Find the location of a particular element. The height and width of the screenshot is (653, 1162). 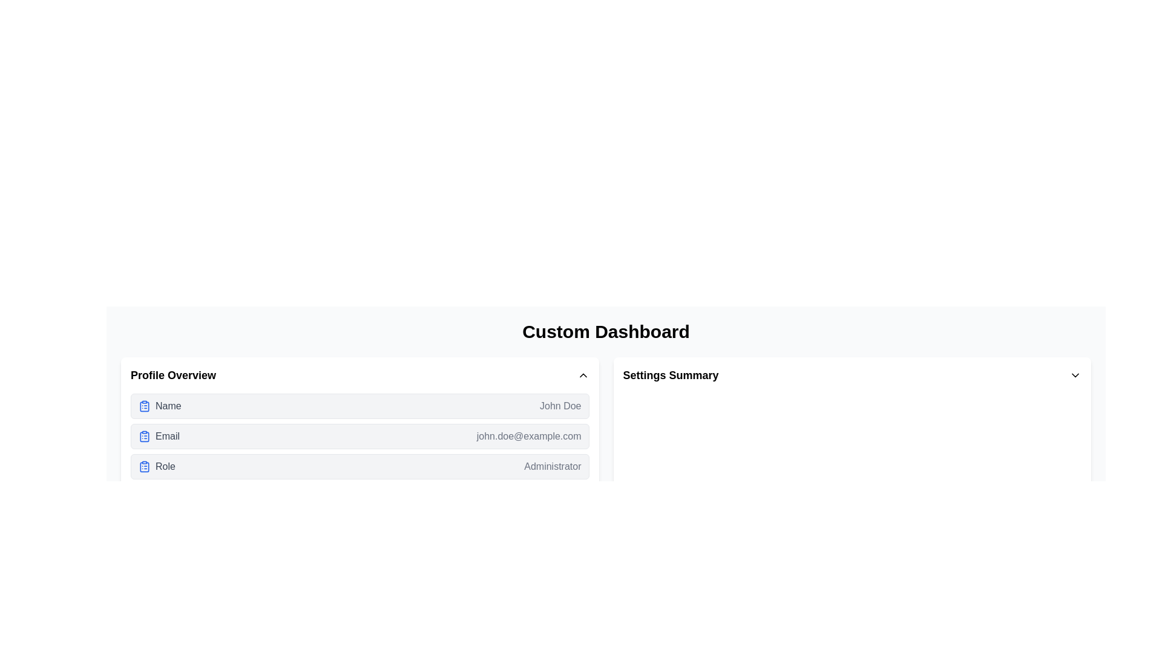

the Informational Card displaying the user's name in the Profile Overview section, which is the first item in the list of three similar elements is located at coordinates (359, 406).